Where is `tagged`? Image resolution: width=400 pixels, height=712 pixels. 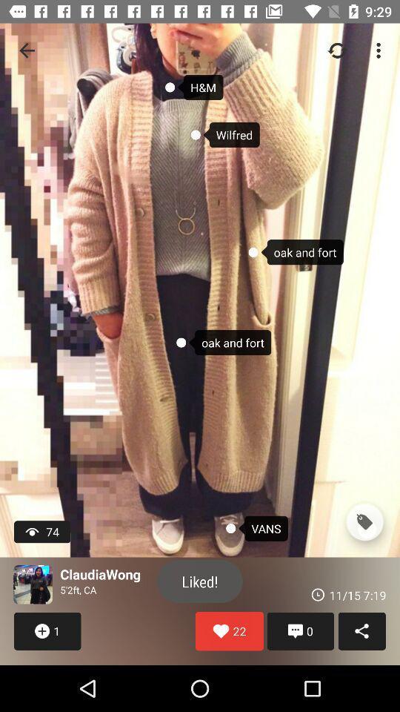
tagged is located at coordinates (364, 522).